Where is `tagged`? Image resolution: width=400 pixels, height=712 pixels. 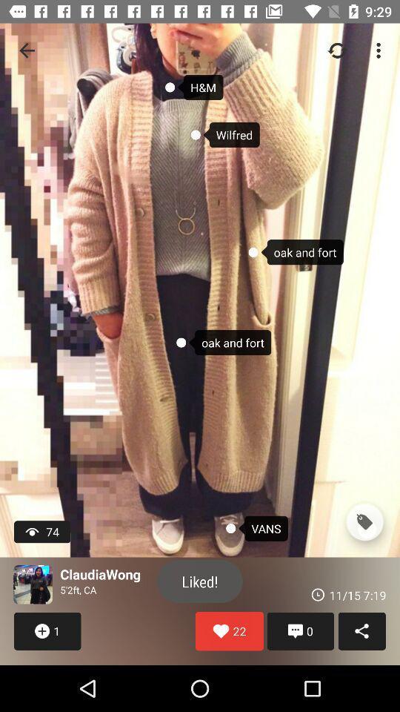
tagged is located at coordinates (364, 522).